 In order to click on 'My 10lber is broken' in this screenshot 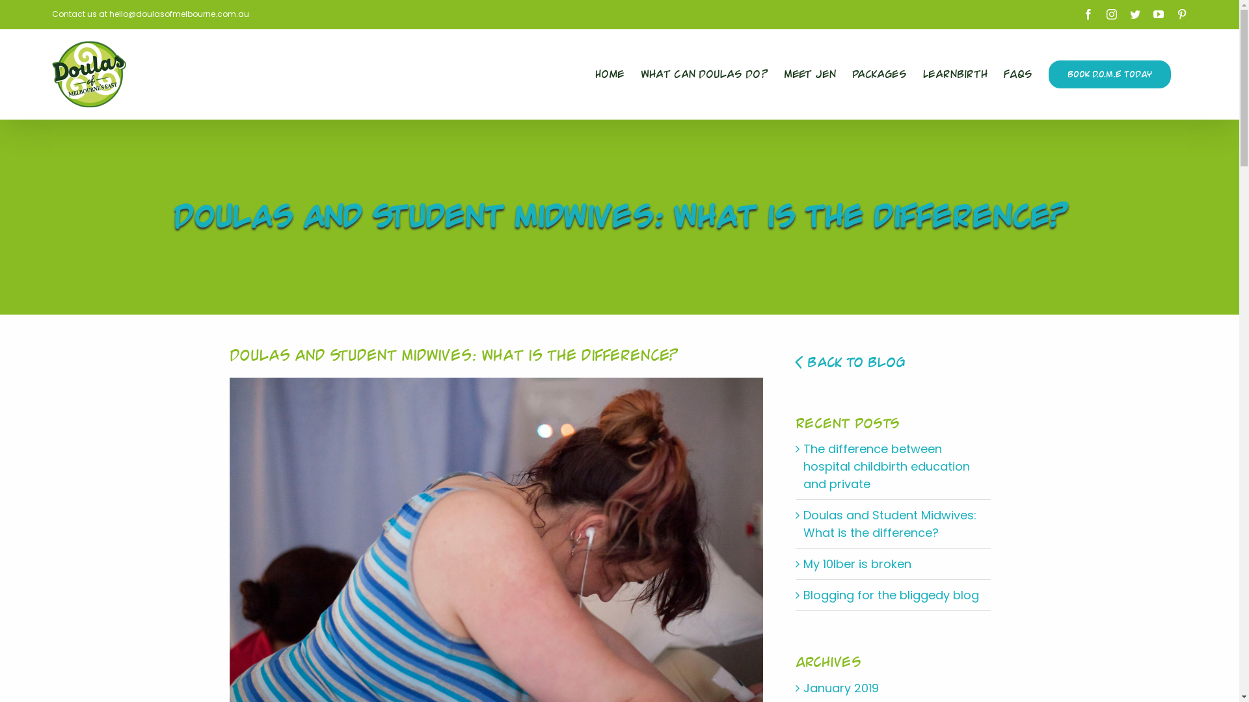, I will do `click(801, 563)`.